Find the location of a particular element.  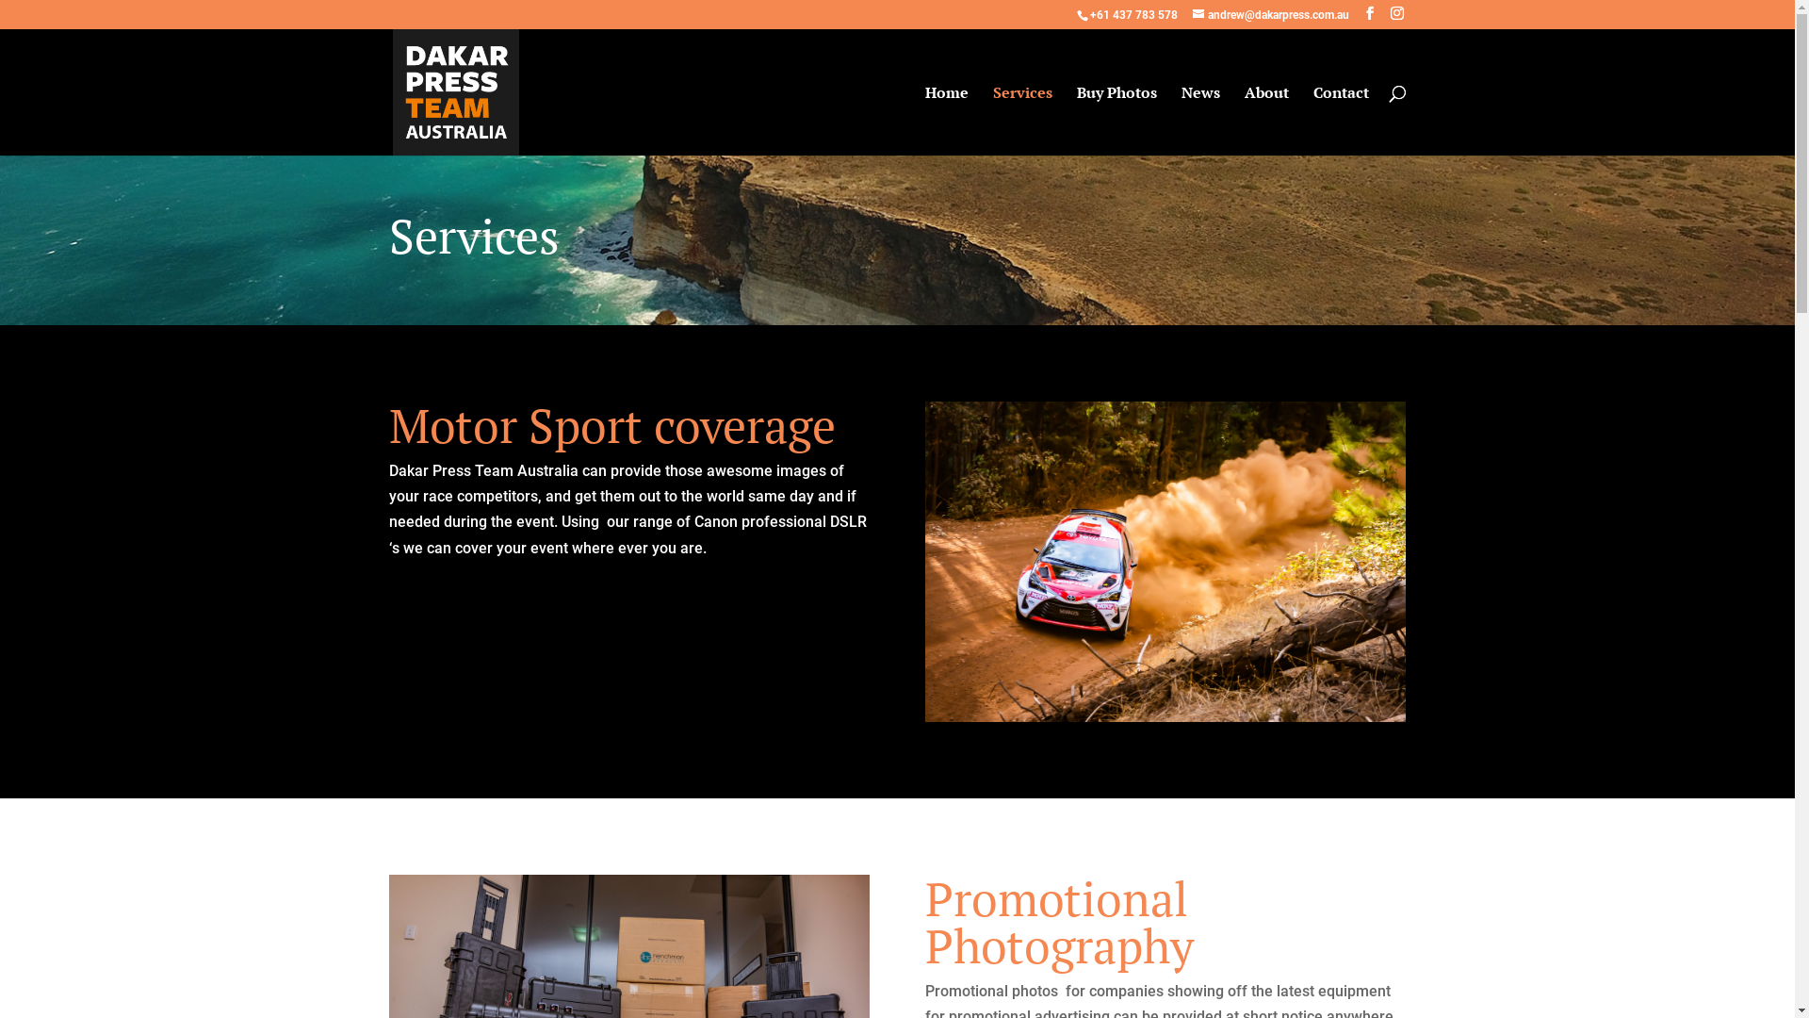

'Services' is located at coordinates (1021, 120).